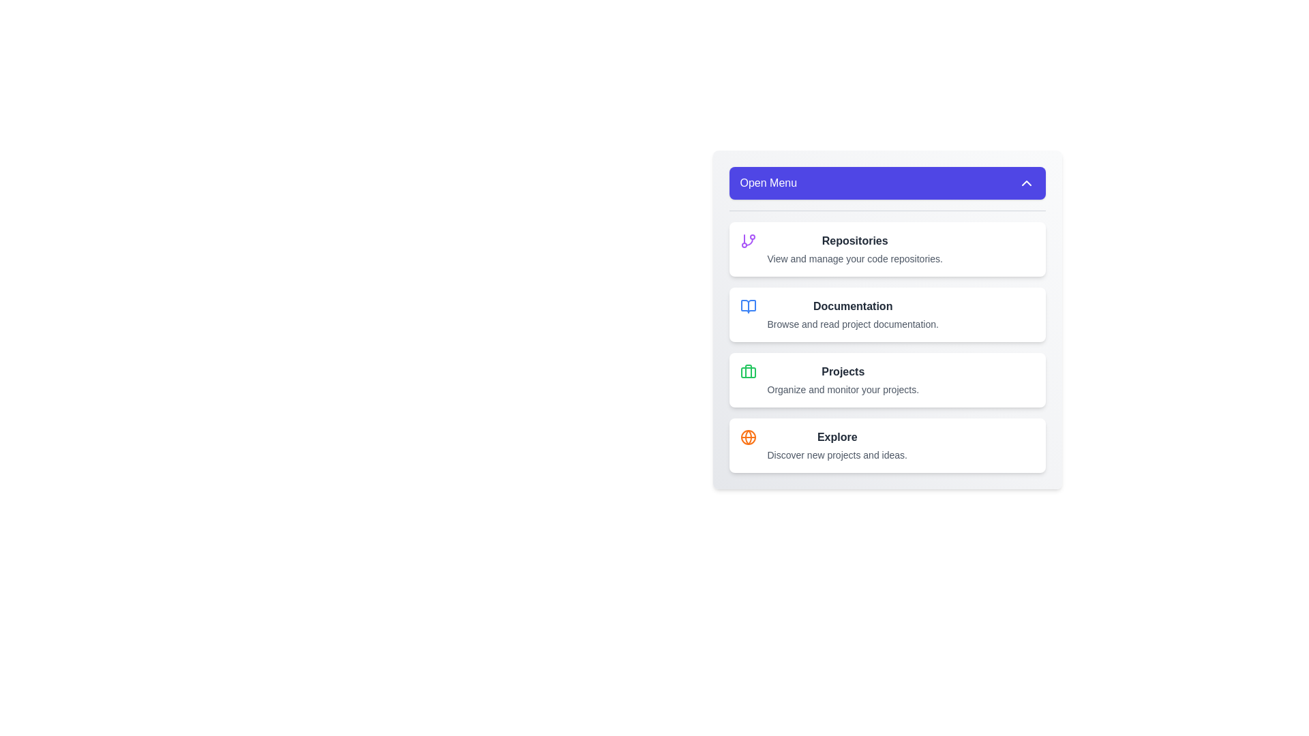 The height and width of the screenshot is (736, 1309). Describe the element at coordinates (887, 341) in the screenshot. I see `the vertically arranged list of descriptive items located beneath the 'Open Menu' button` at that location.